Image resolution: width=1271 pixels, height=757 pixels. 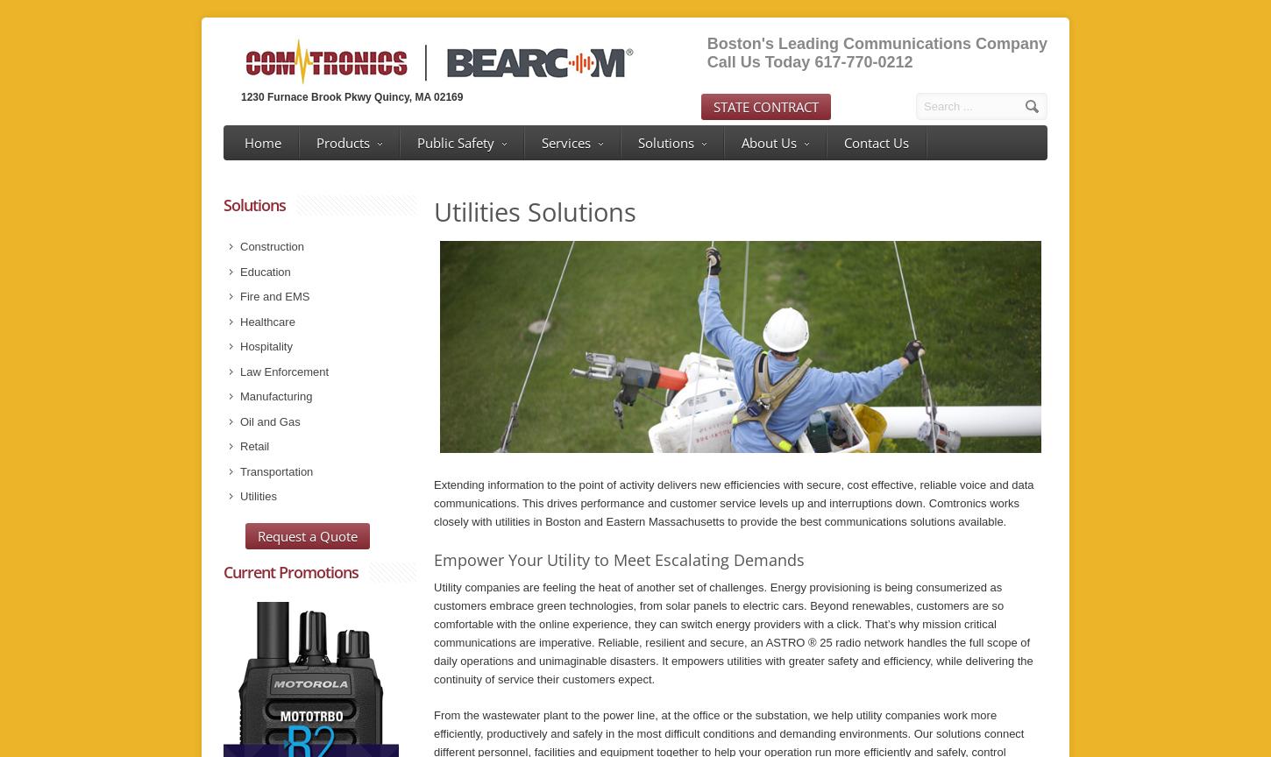 What do you see at coordinates (224, 204) in the screenshot?
I see `'Solutions'` at bounding box center [224, 204].